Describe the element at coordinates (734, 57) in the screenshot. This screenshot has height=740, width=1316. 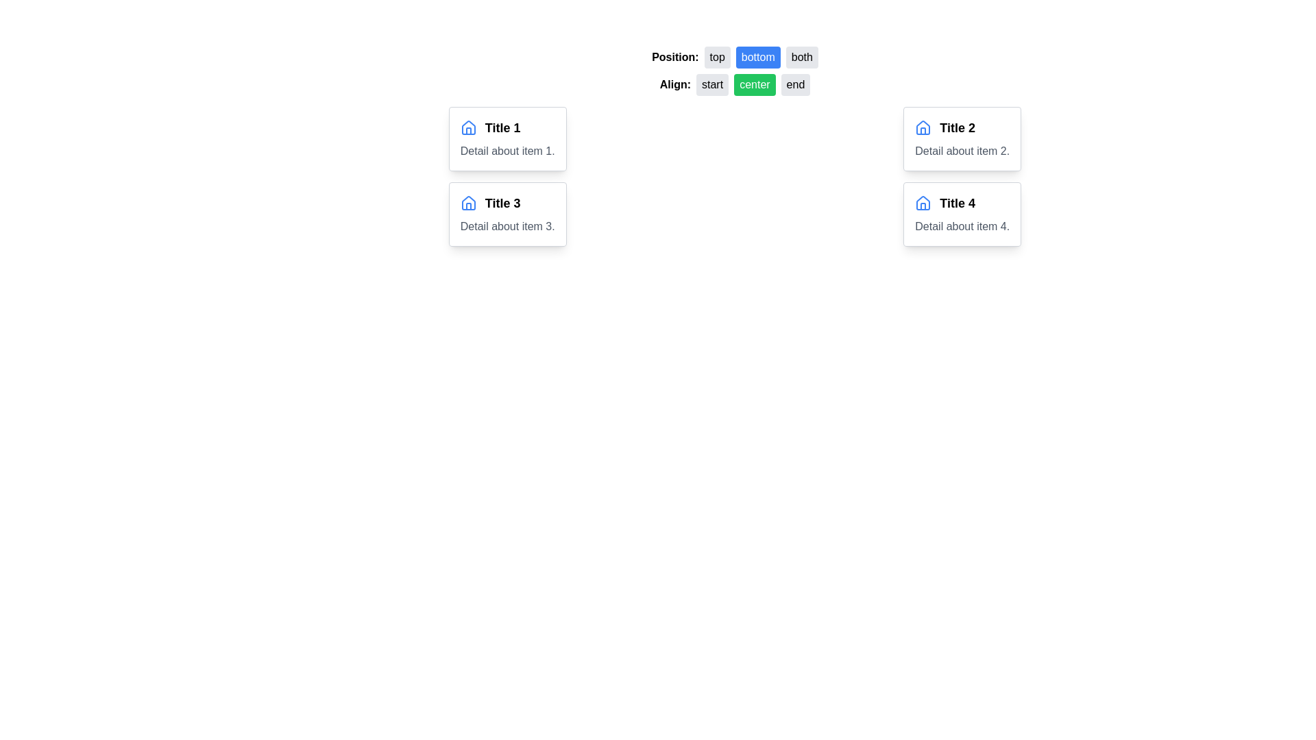
I see `the 'bottom' alignment button, which is the second button in the horizontal sequence under the 'Position:' label` at that location.